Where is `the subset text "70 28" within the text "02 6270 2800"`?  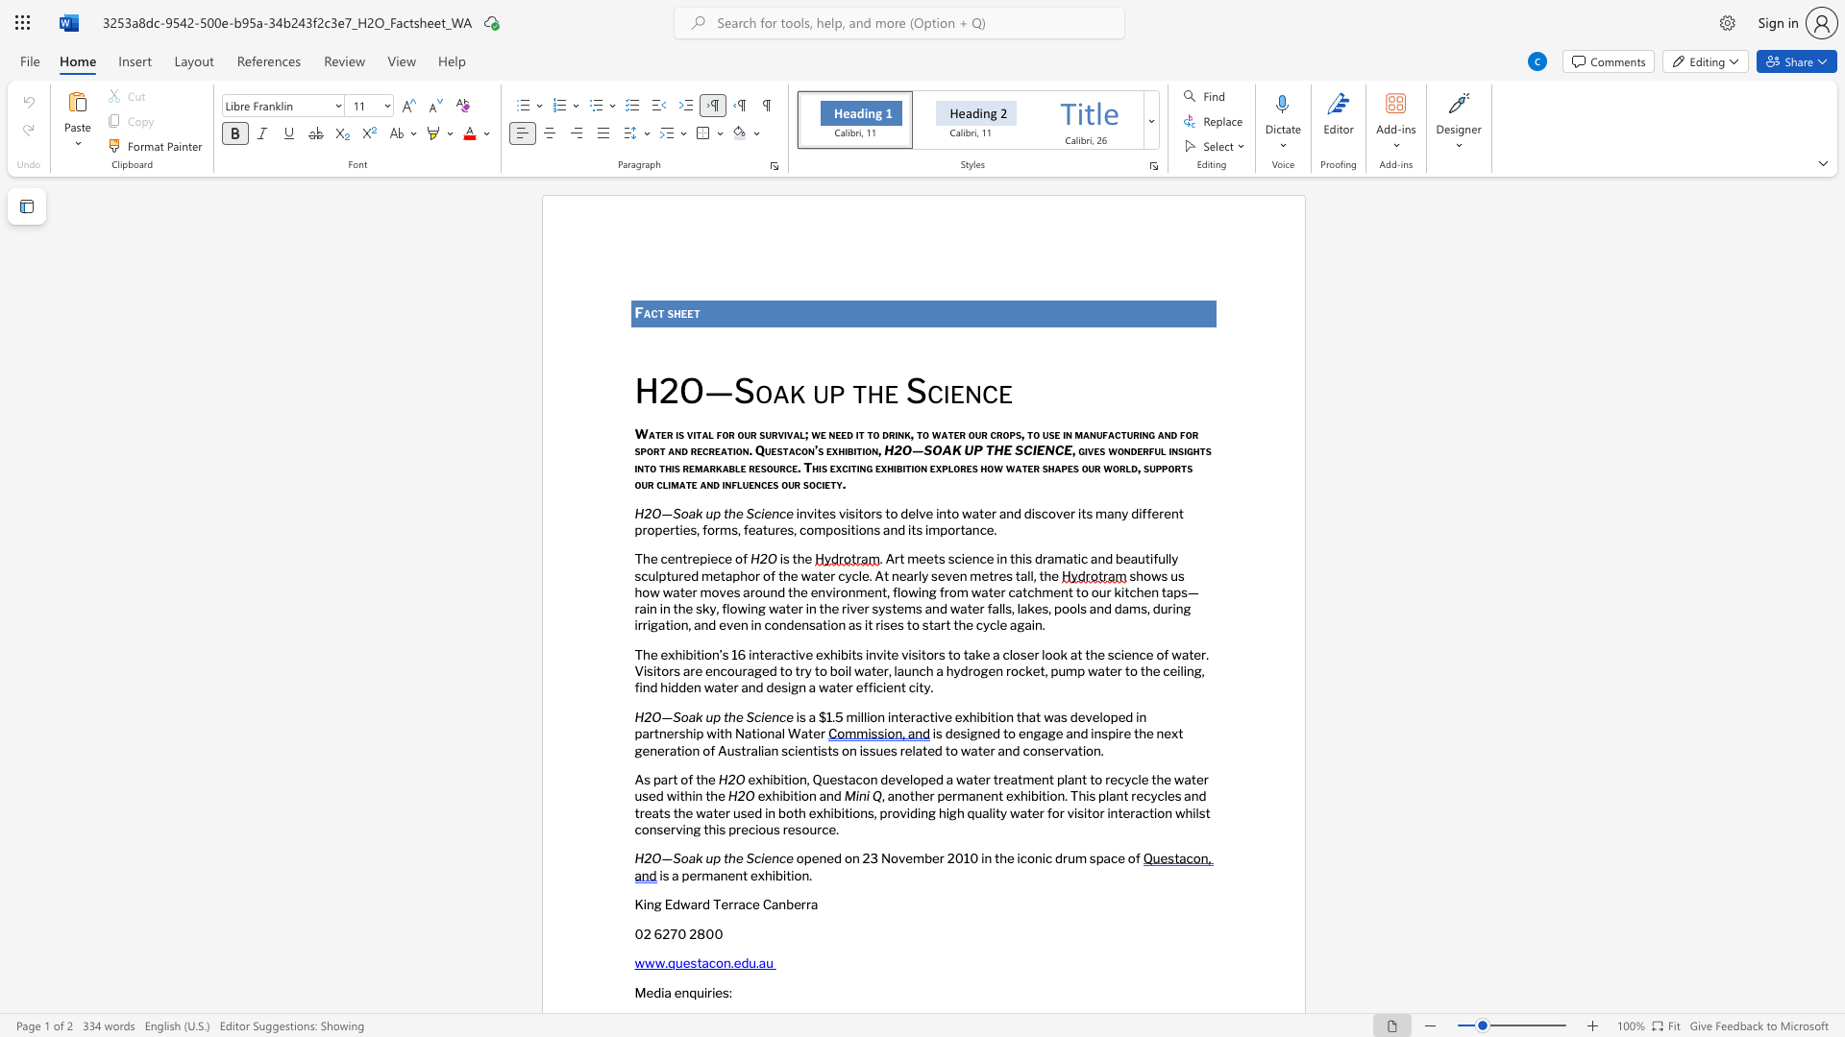 the subset text "70 28" within the text "02 6270 2800" is located at coordinates (670, 932).